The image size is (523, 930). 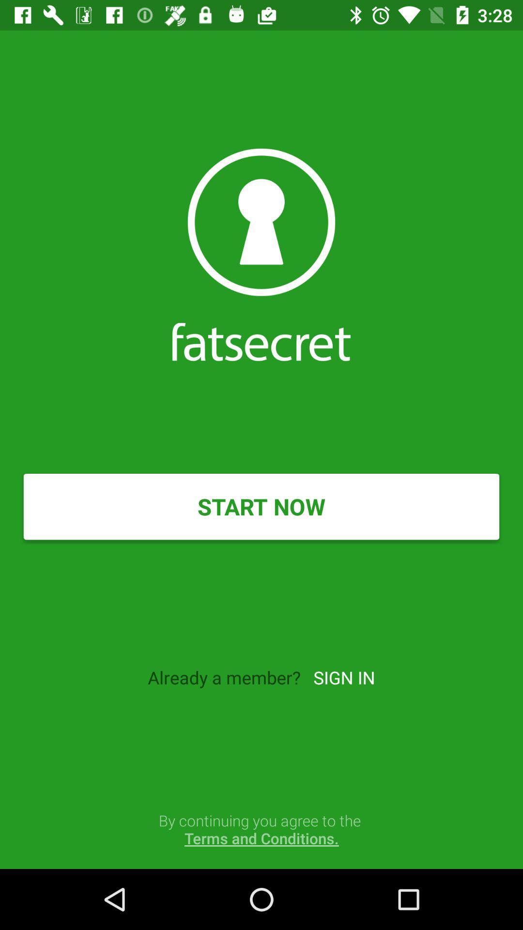 What do you see at coordinates (261, 829) in the screenshot?
I see `by continuing you icon` at bounding box center [261, 829].